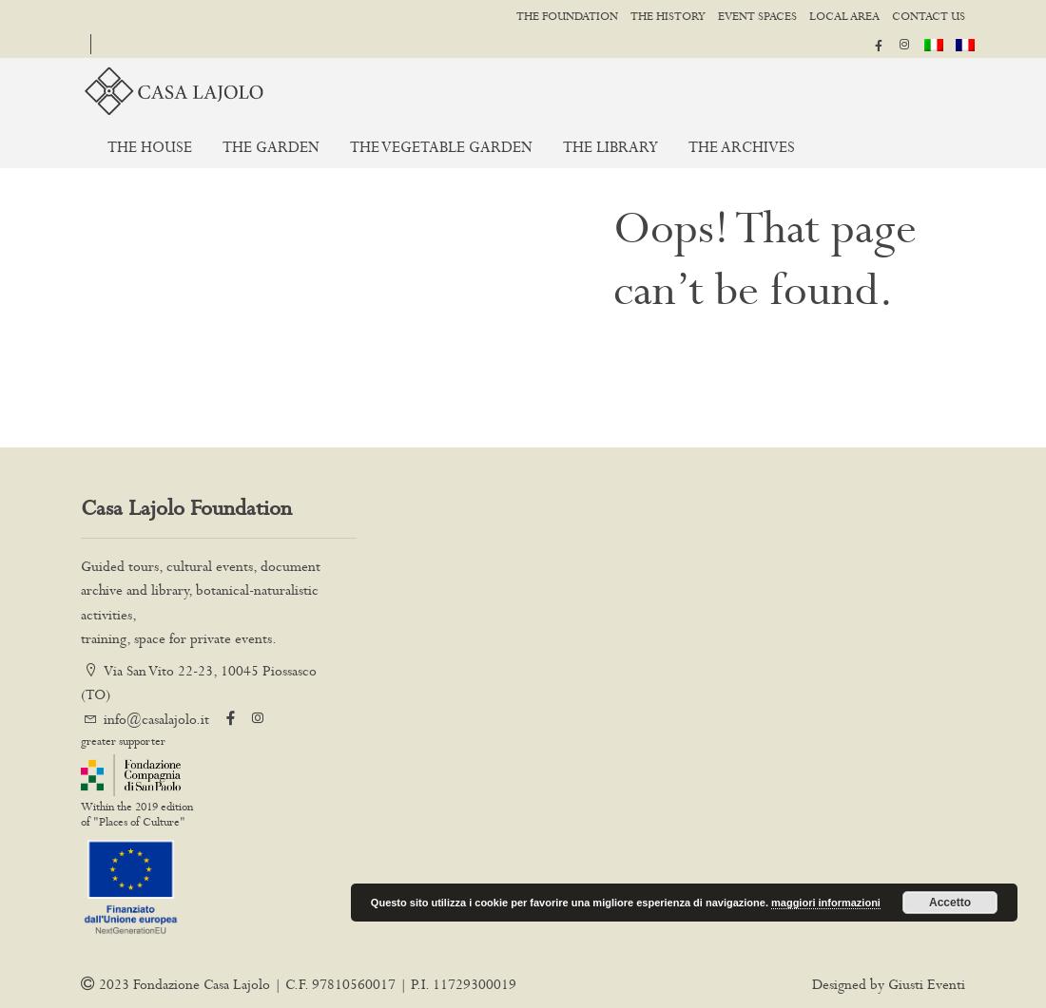 Image resolution: width=1046 pixels, height=1008 pixels. Describe the element at coordinates (148, 146) in the screenshot. I see `'The house'` at that location.